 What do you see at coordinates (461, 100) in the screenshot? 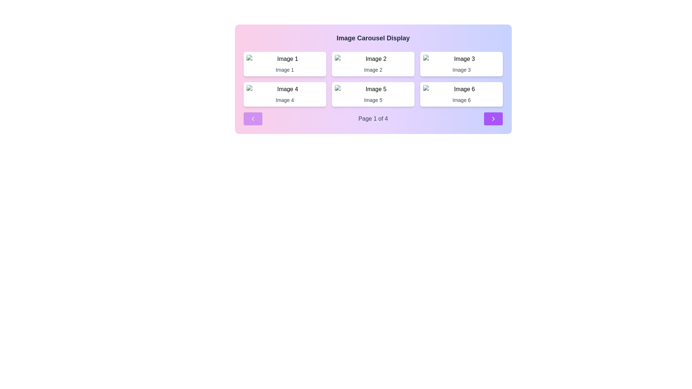
I see `the text label identifying the adjacent image as 'Image 6', located at the bottom of the sixth cell in the grid` at bounding box center [461, 100].